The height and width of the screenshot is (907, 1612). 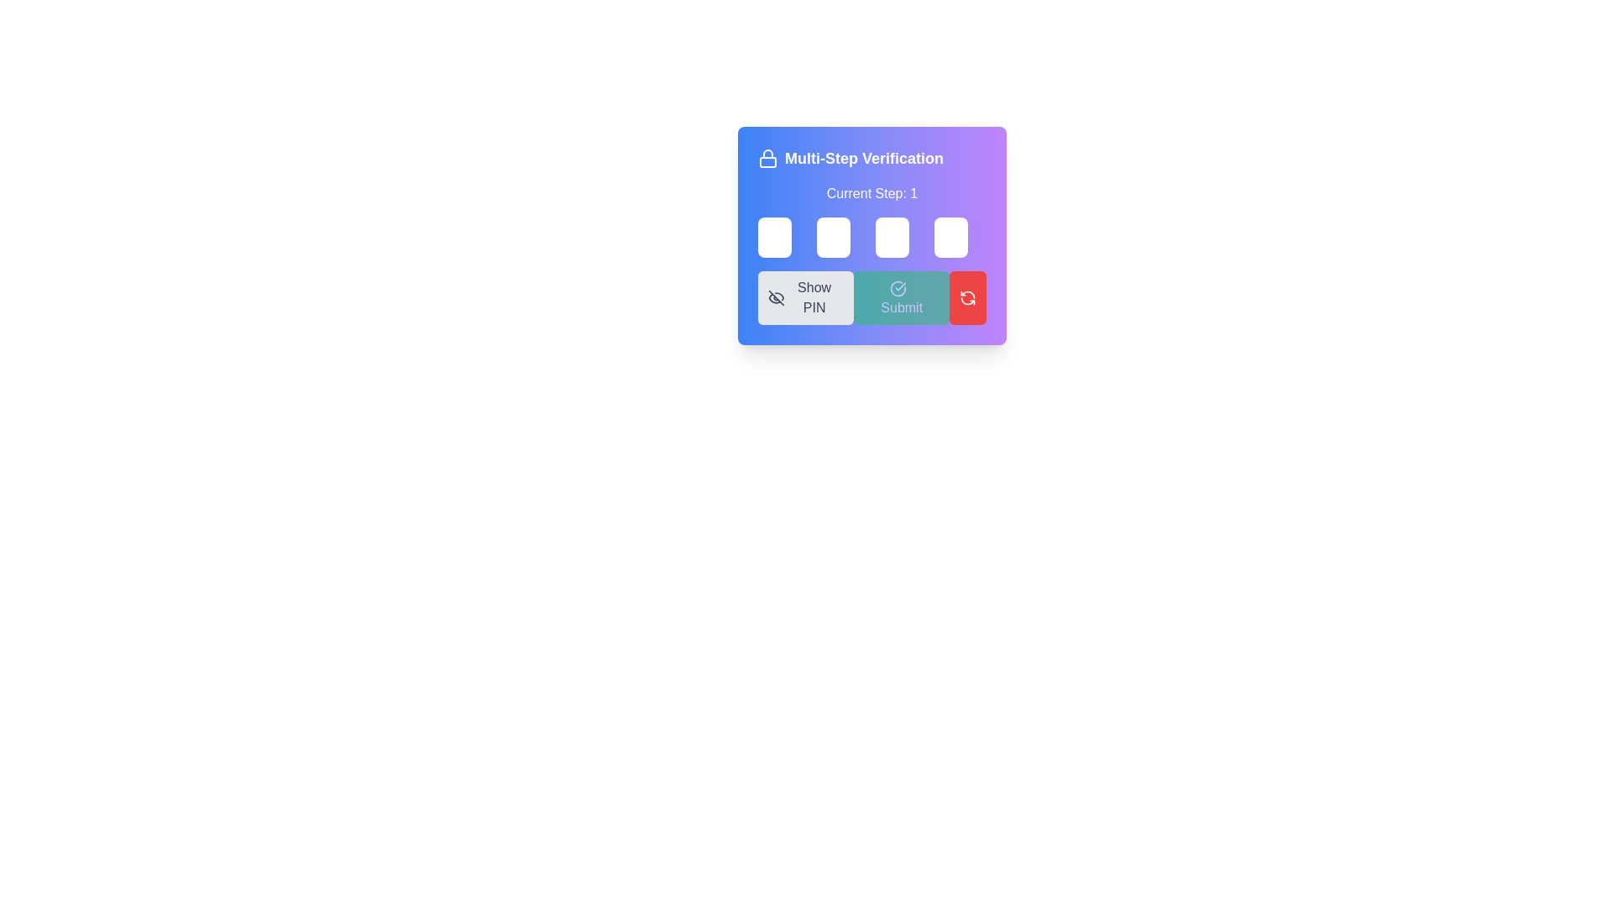 What do you see at coordinates (806, 296) in the screenshot?
I see `the leftmost button in a row of three buttons that toggles the visibility of a hidden PIN number, located within a purple and blue gradient box near the bottom of the interface` at bounding box center [806, 296].